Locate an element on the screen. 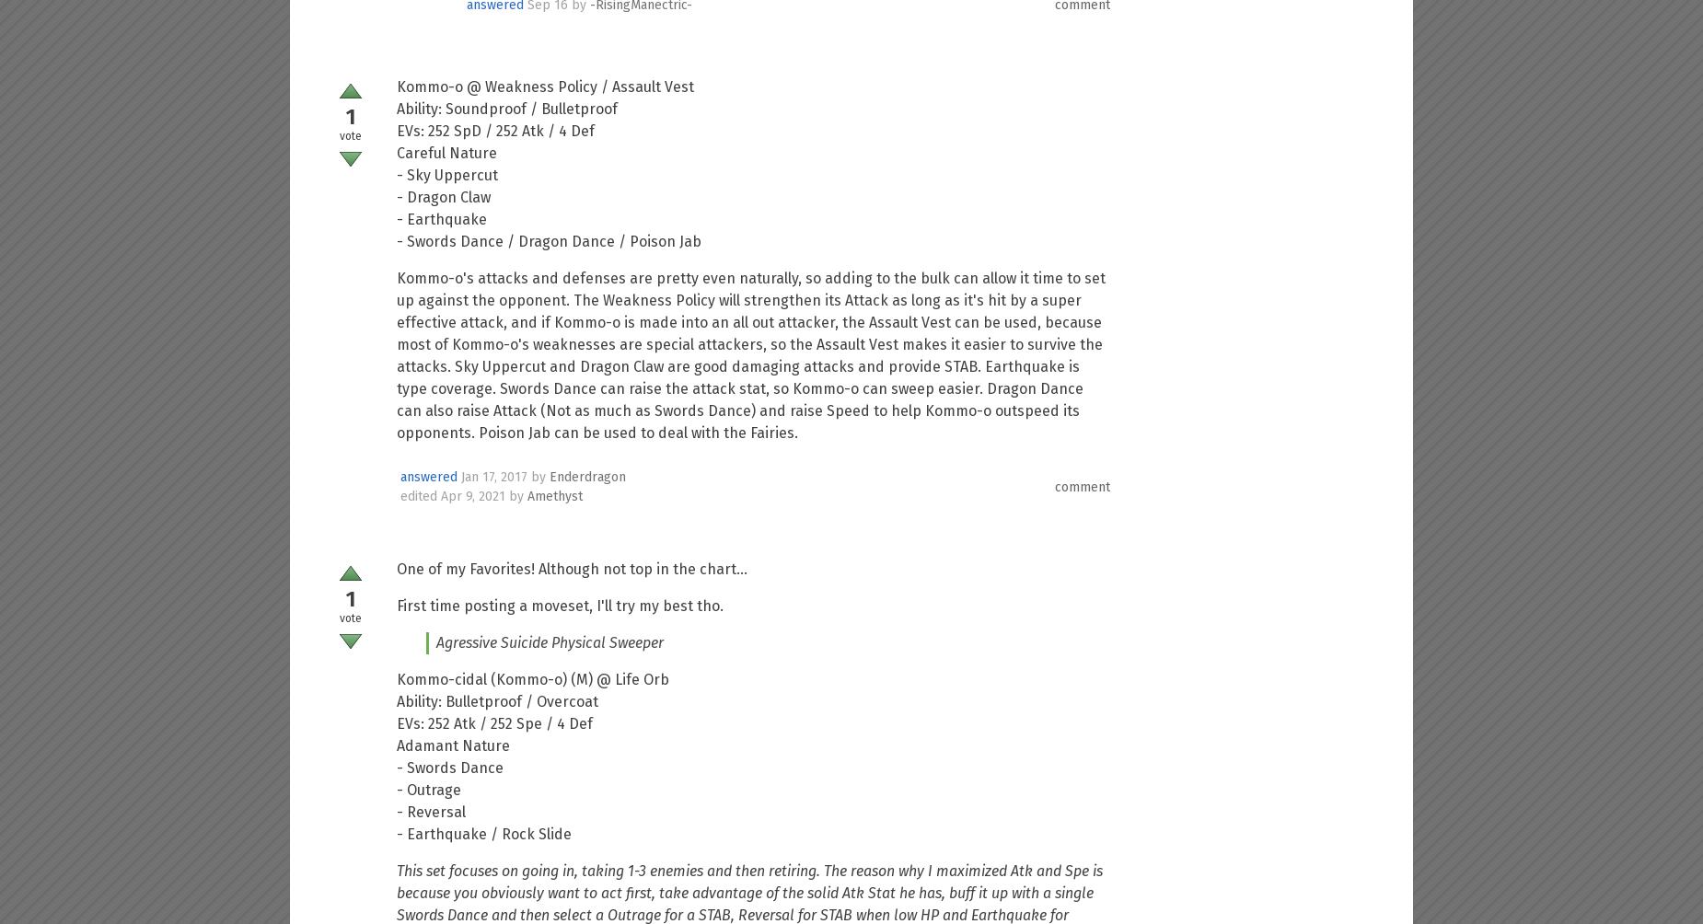 Image resolution: width=1703 pixels, height=924 pixels. '- Earthquake' is located at coordinates (442, 218).